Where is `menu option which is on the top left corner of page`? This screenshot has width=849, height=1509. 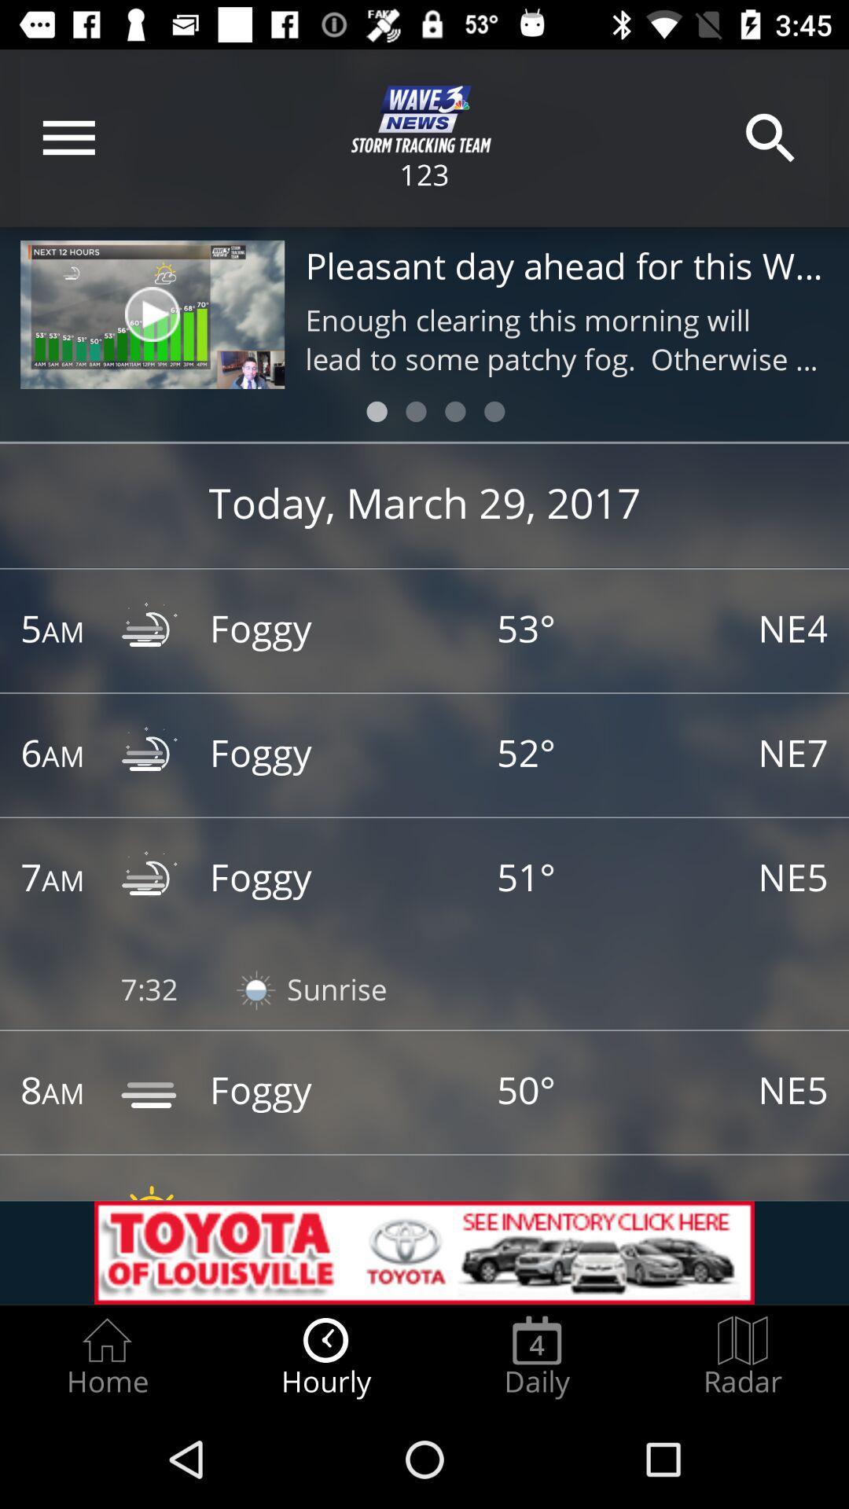 menu option which is on the top left corner of page is located at coordinates (68, 138).